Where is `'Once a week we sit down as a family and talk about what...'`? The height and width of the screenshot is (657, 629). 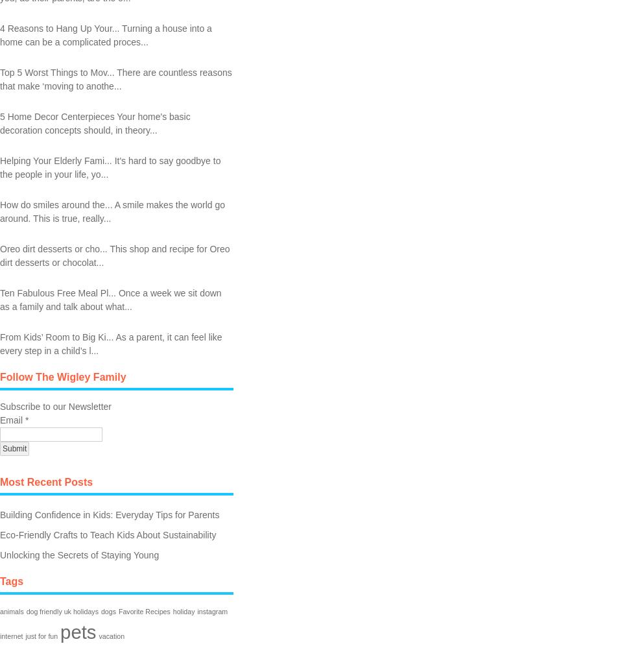
'Once a week we sit down as a family and talk about what...' is located at coordinates (110, 298).